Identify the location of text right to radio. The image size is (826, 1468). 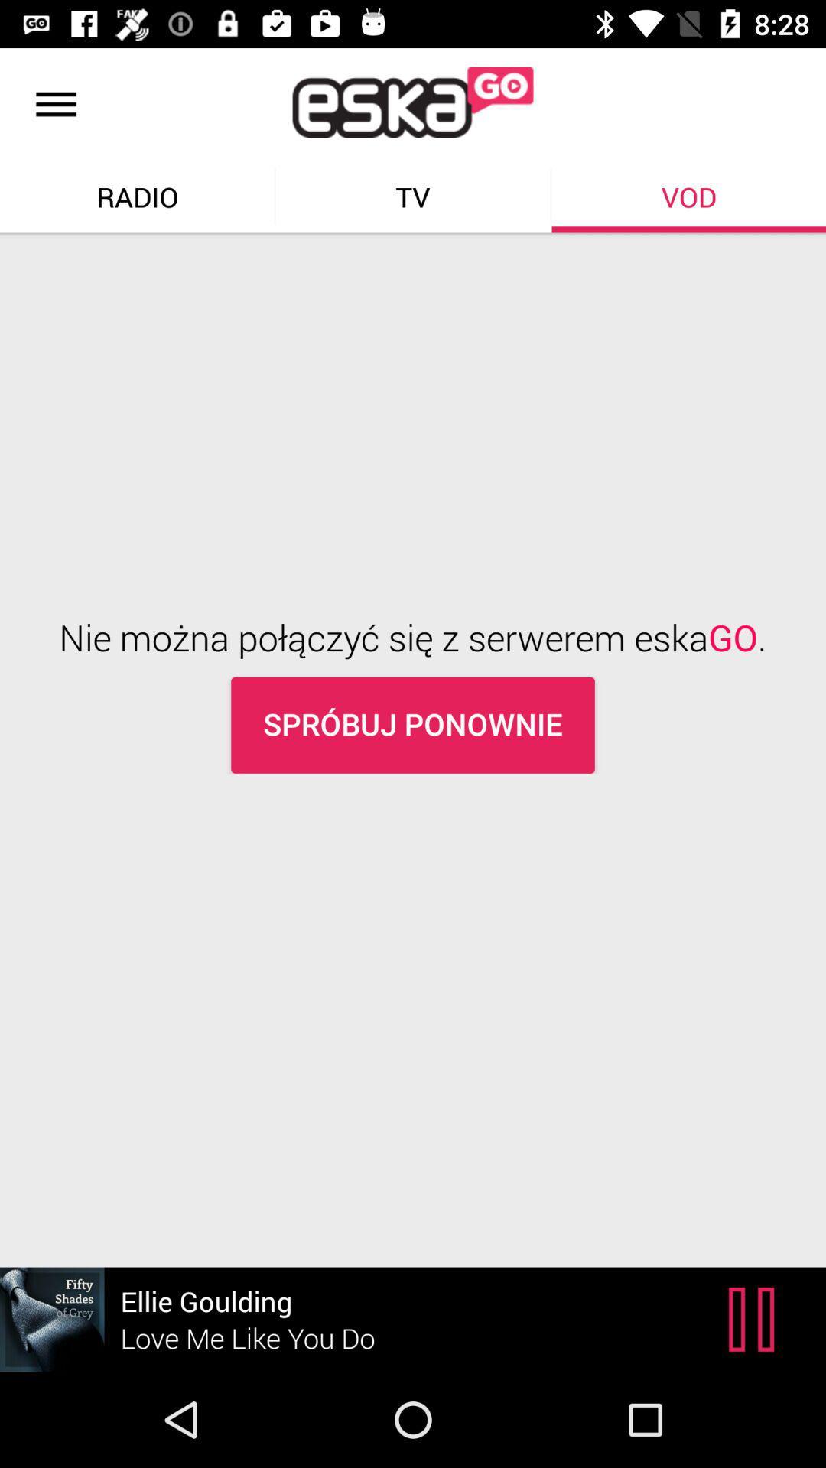
(413, 196).